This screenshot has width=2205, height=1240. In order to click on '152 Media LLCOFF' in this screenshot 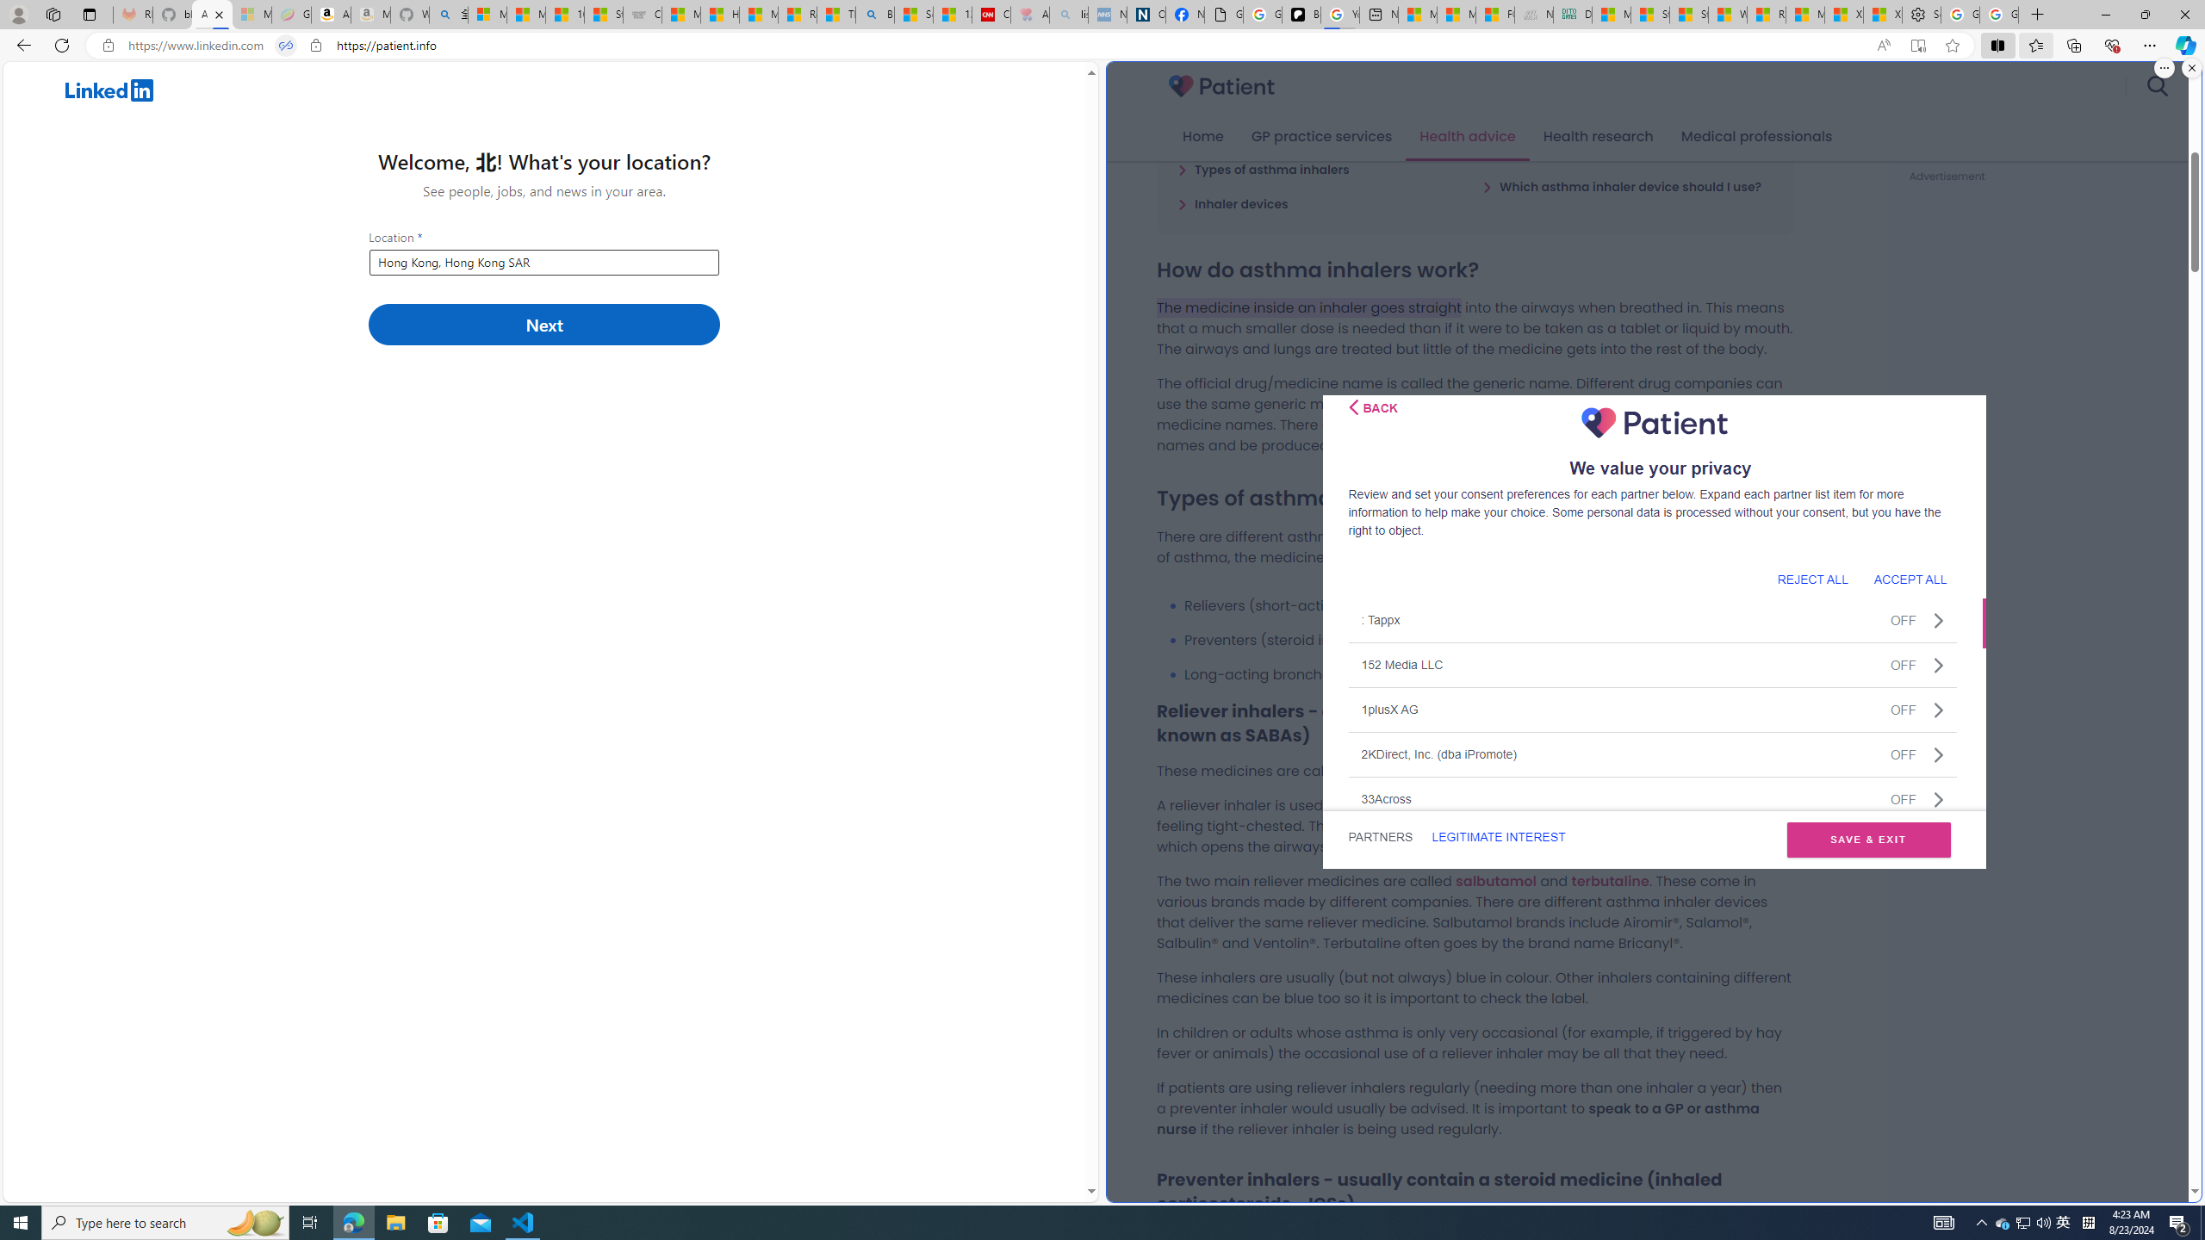, I will do `click(1651, 663)`.